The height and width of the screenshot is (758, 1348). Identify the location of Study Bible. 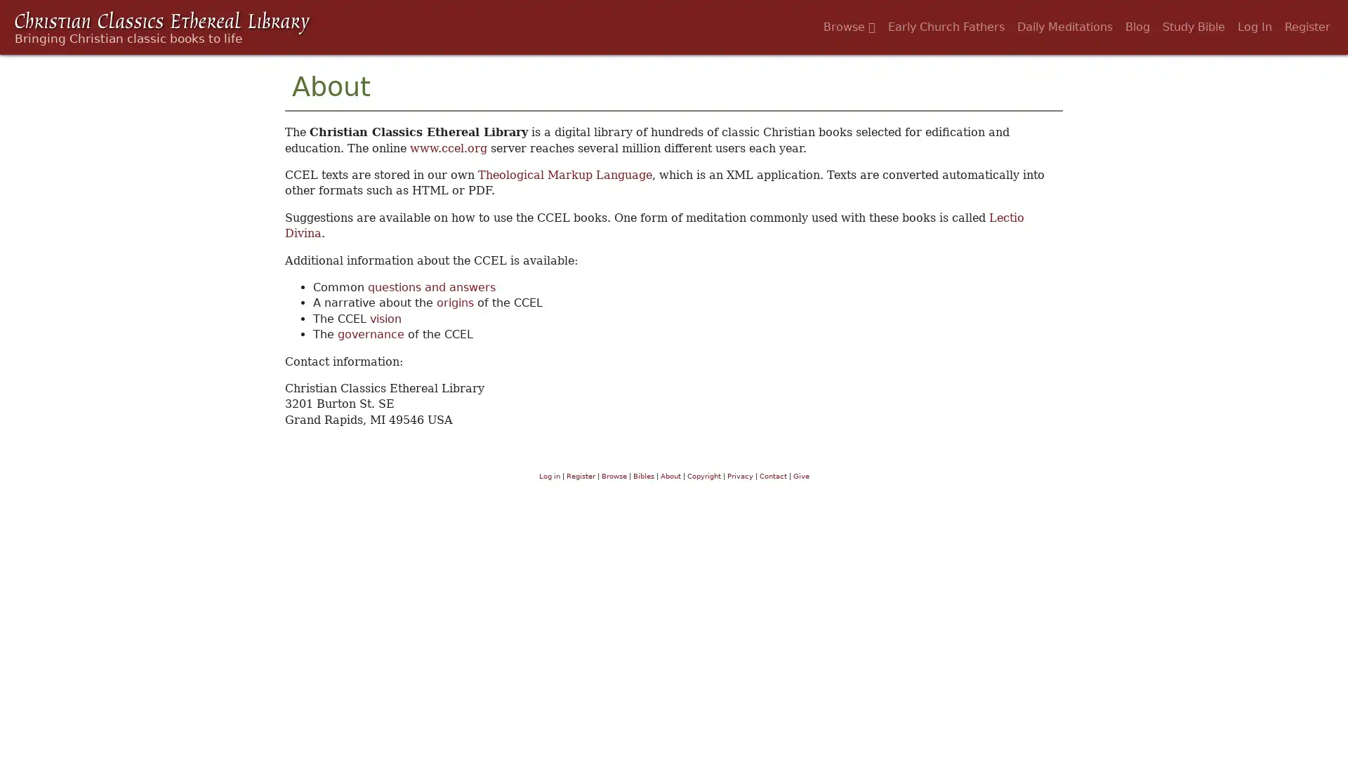
(1193, 27).